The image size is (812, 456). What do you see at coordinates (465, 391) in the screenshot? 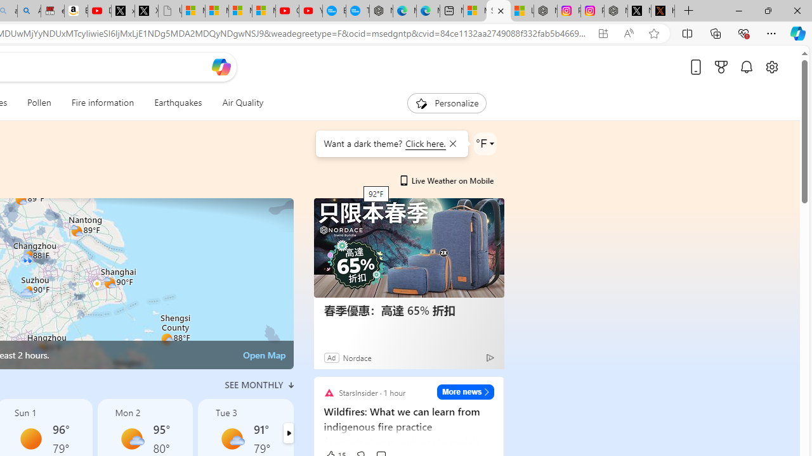
I see `'More news'` at bounding box center [465, 391].